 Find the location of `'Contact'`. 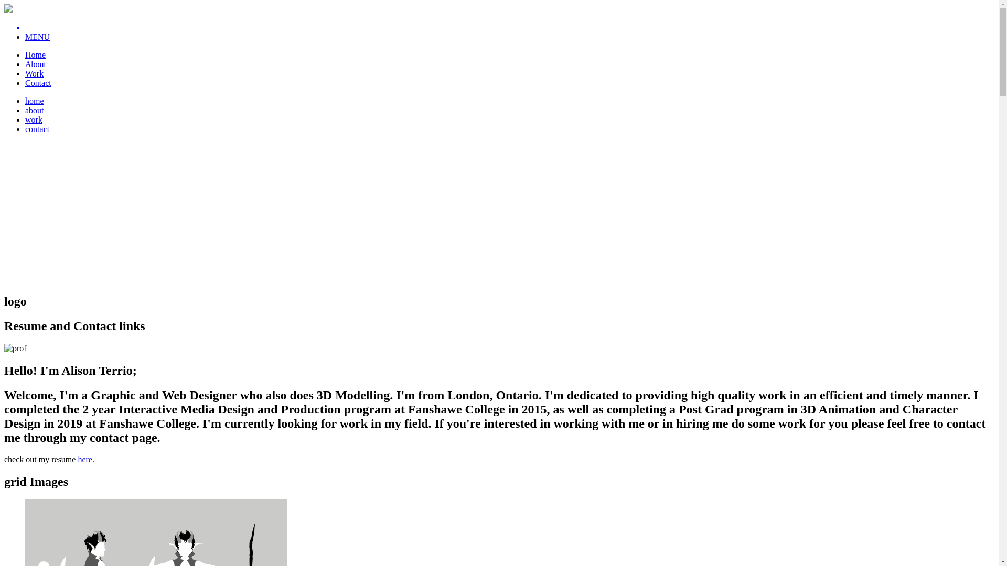

'Contact' is located at coordinates (38, 82).